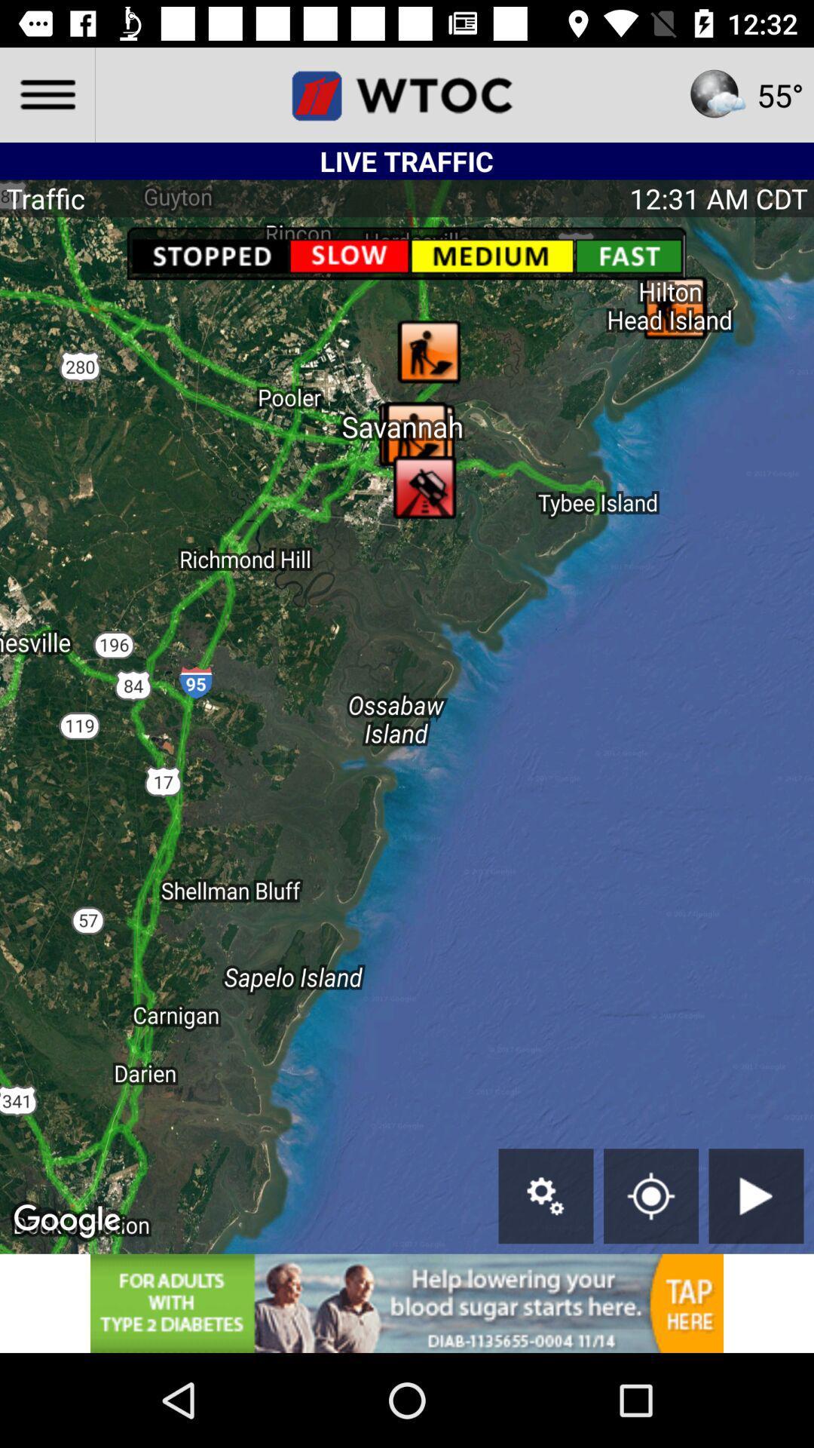 This screenshot has width=814, height=1448. I want to click on the menu icon, so click(46, 94).